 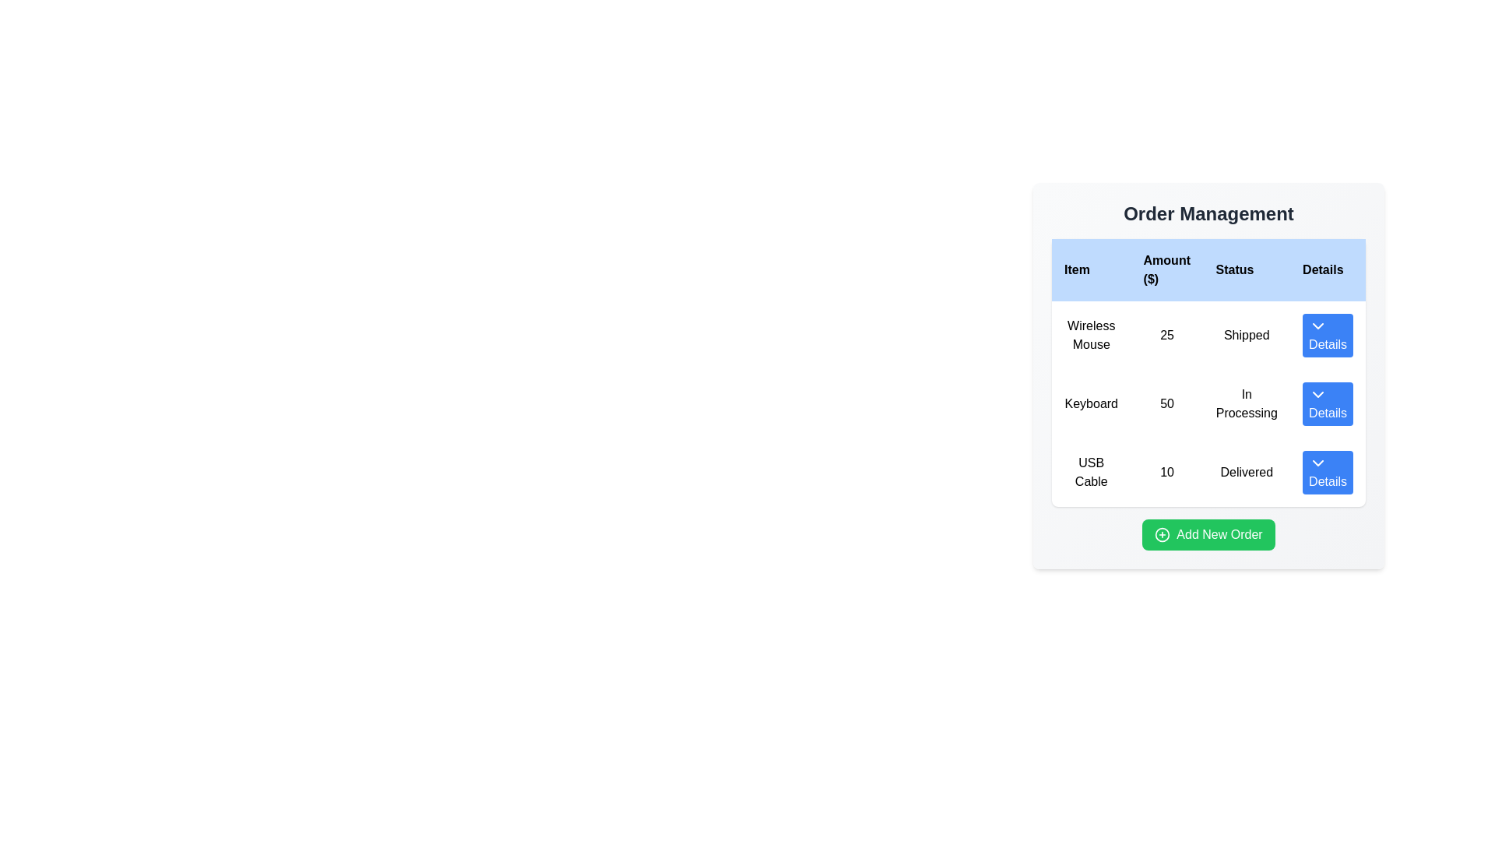 I want to click on the Text Display that shows the numerical value '25' in bold text, located in the 'Amount ($)' column for the 'Wireless Mouse' entry, so click(x=1166, y=335).